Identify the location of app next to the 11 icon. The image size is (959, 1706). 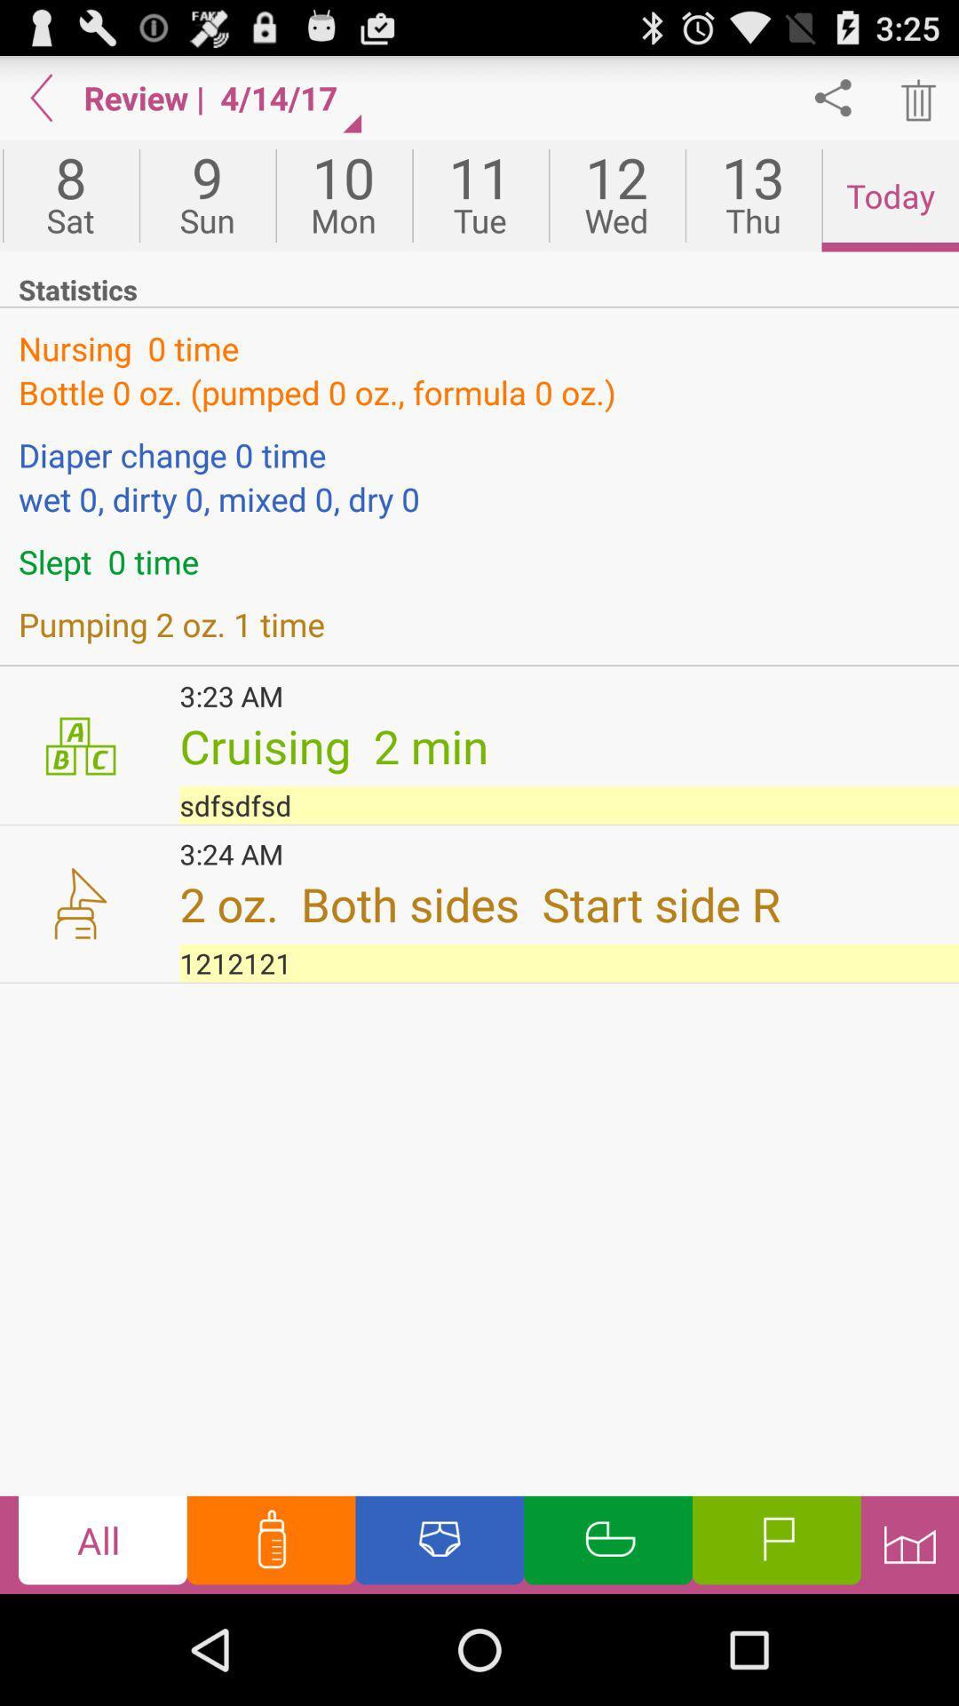
(615, 195).